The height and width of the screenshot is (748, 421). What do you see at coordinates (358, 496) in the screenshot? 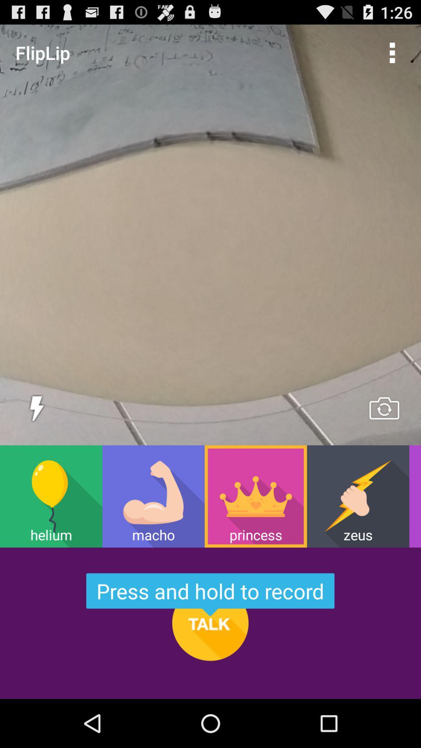
I see `item next to wacko` at bounding box center [358, 496].